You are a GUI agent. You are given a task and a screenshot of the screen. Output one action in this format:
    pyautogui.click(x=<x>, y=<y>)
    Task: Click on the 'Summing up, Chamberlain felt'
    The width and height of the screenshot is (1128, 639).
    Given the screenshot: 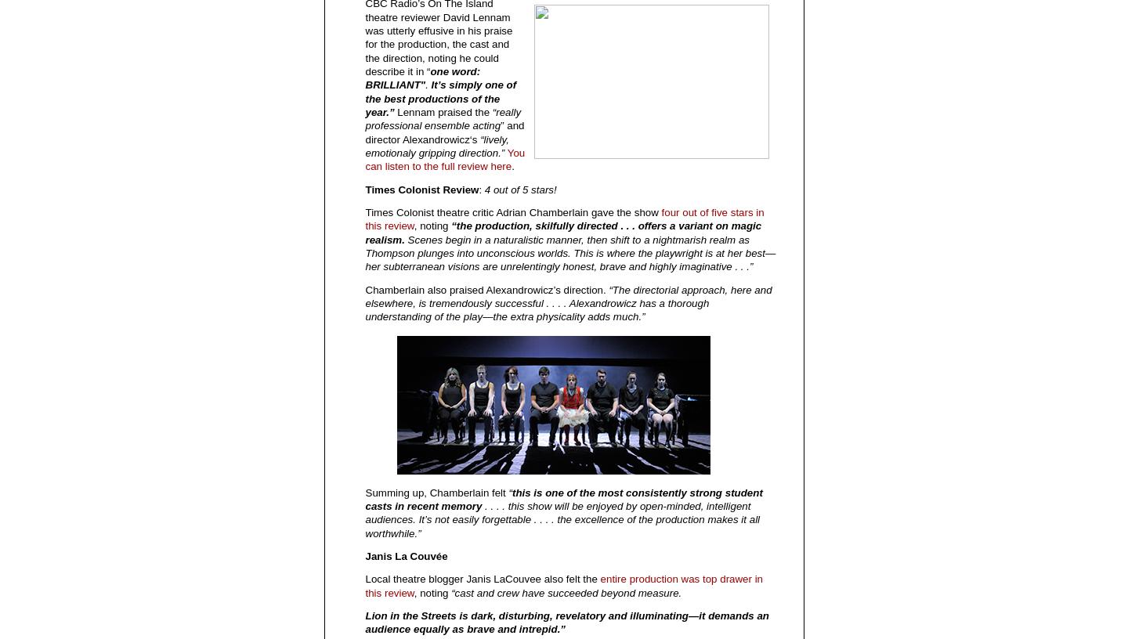 What is the action you would take?
    pyautogui.click(x=435, y=491)
    